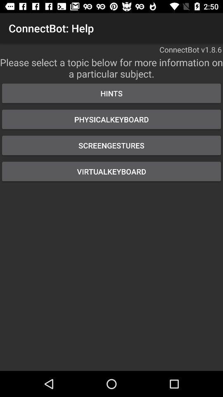 This screenshot has width=223, height=397. What do you see at coordinates (111, 145) in the screenshot?
I see `the button above virtualkeyboard icon` at bounding box center [111, 145].